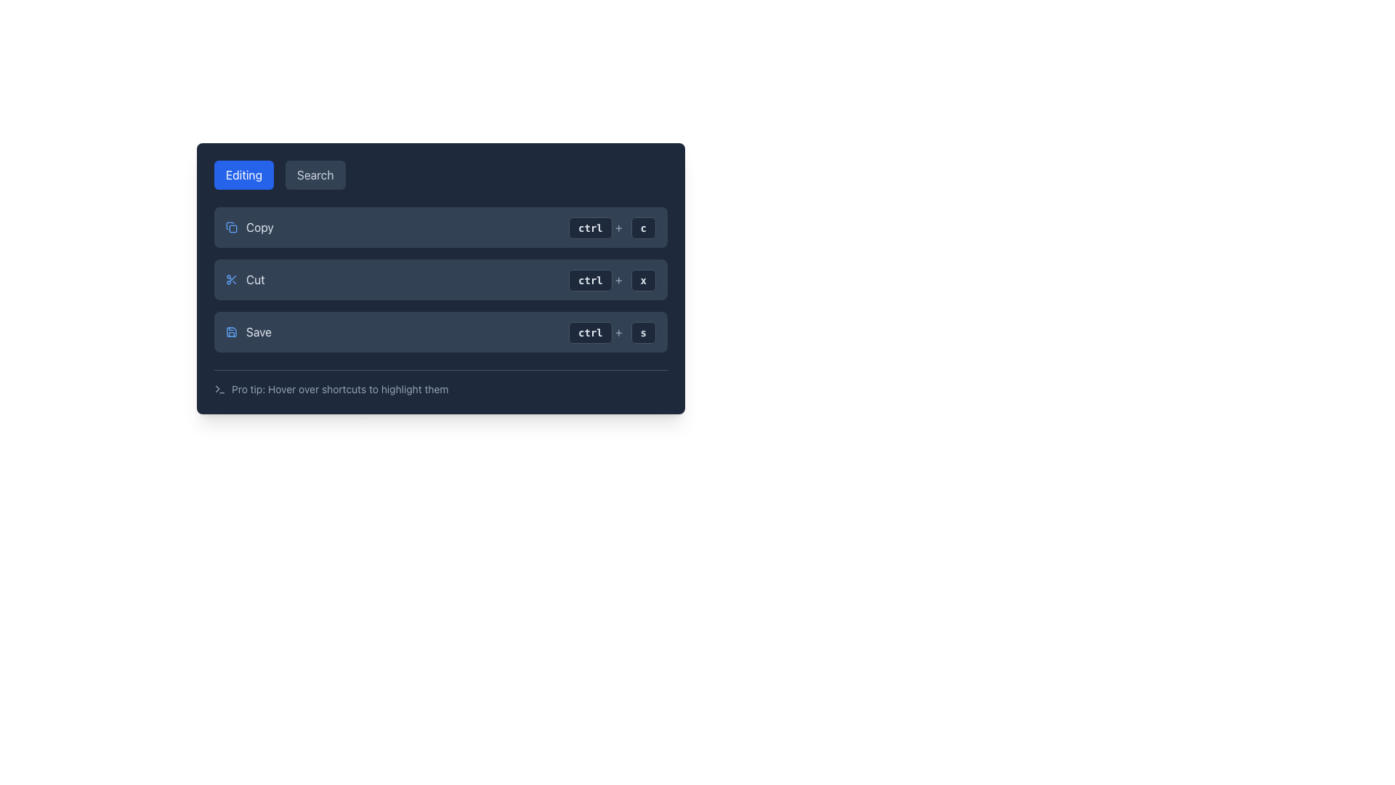  What do you see at coordinates (255, 280) in the screenshot?
I see `the 'Cut' text label within the button, which is styled with a light slate color and located between the 'Copy' and 'Save' options in a vertical list` at bounding box center [255, 280].